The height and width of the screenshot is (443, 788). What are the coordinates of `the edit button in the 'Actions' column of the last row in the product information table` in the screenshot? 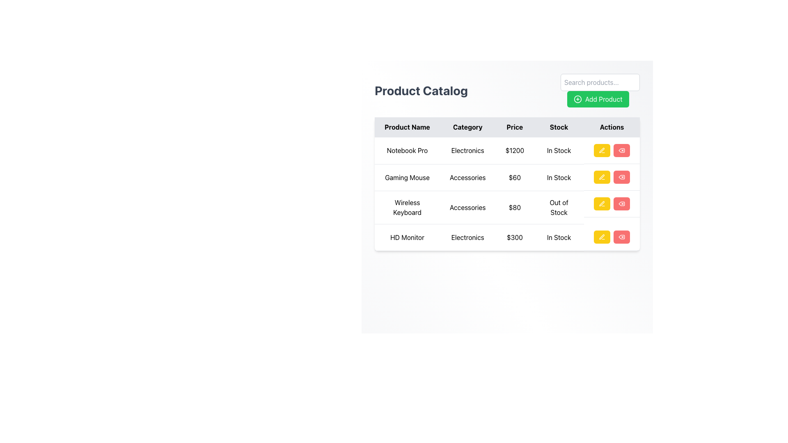 It's located at (602, 237).